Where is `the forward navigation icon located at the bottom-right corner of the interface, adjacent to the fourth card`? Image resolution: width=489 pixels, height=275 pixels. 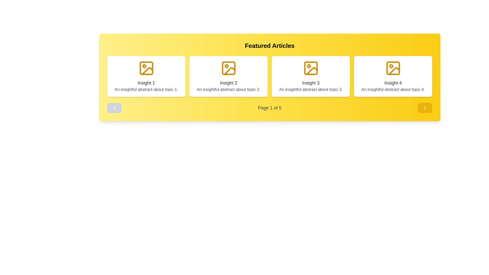
the forward navigation icon located at the bottom-right corner of the interface, adjacent to the fourth card is located at coordinates (425, 108).